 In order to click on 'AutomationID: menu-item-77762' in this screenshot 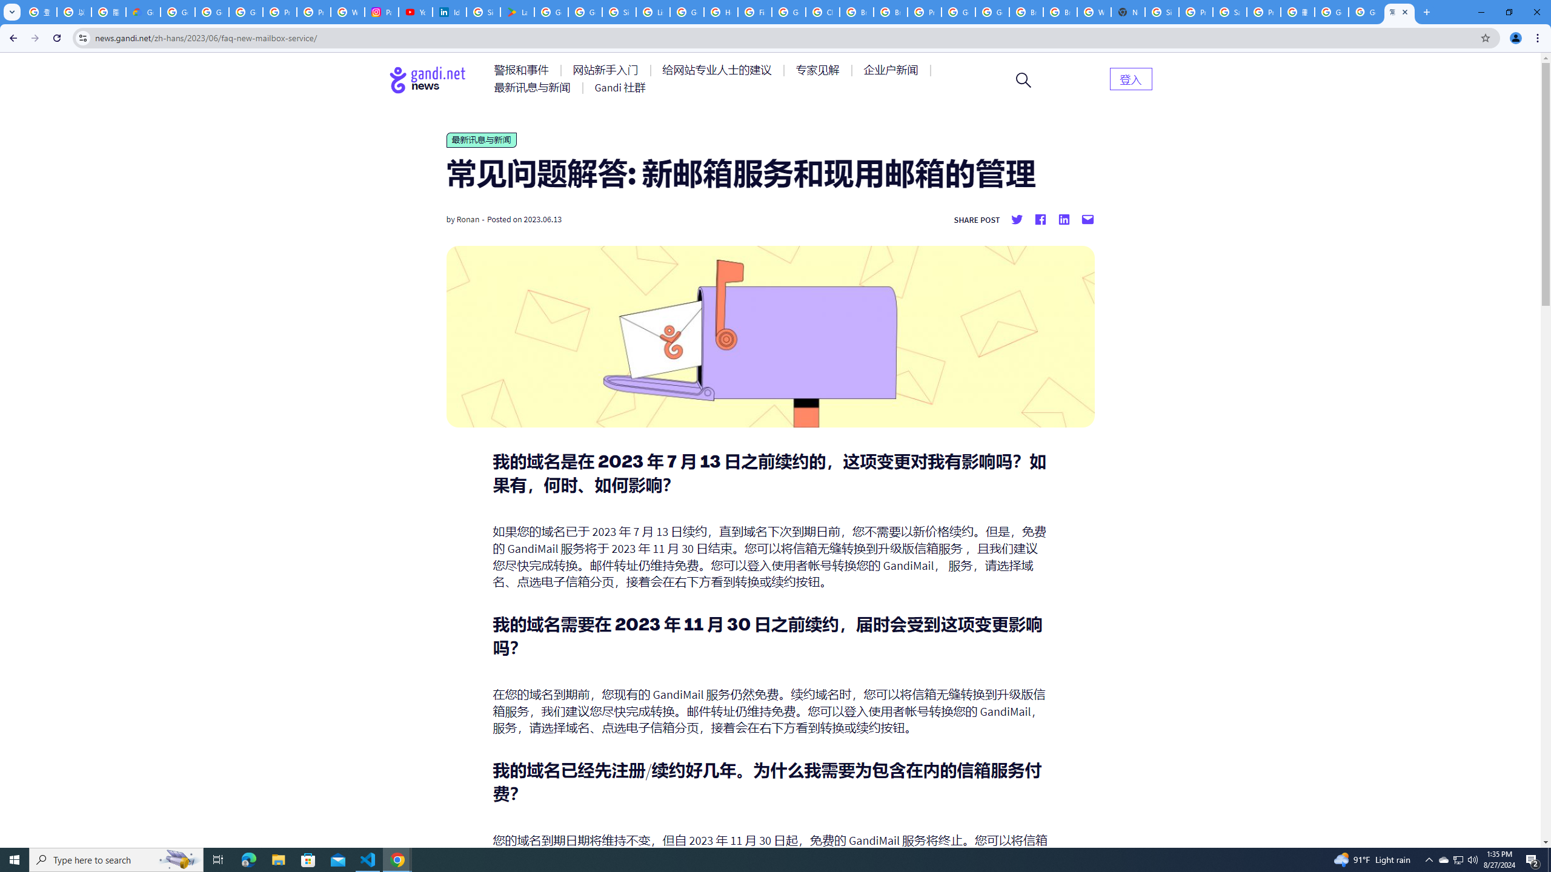, I will do `click(607, 69)`.